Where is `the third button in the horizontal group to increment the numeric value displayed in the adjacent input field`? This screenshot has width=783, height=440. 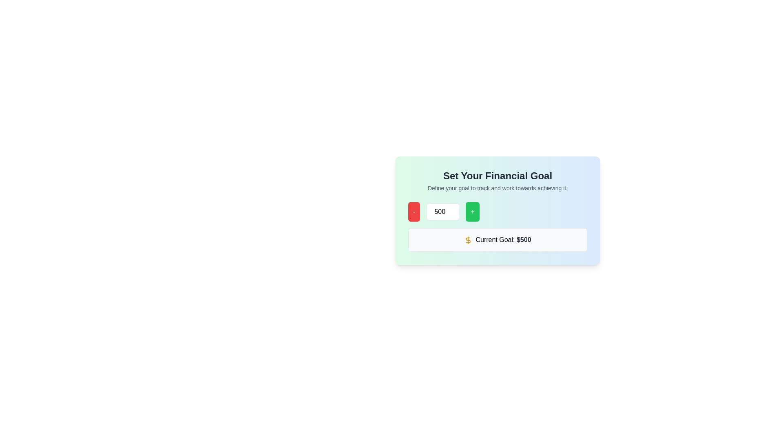 the third button in the horizontal group to increment the numeric value displayed in the adjacent input field is located at coordinates (472, 211).